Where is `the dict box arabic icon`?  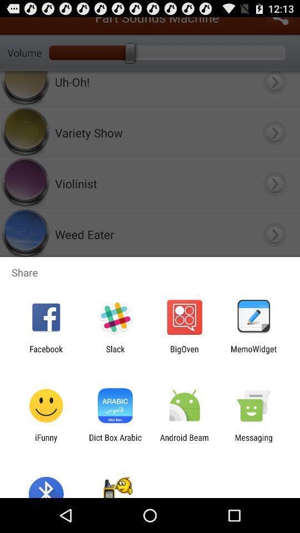 the dict box arabic icon is located at coordinates (114, 442).